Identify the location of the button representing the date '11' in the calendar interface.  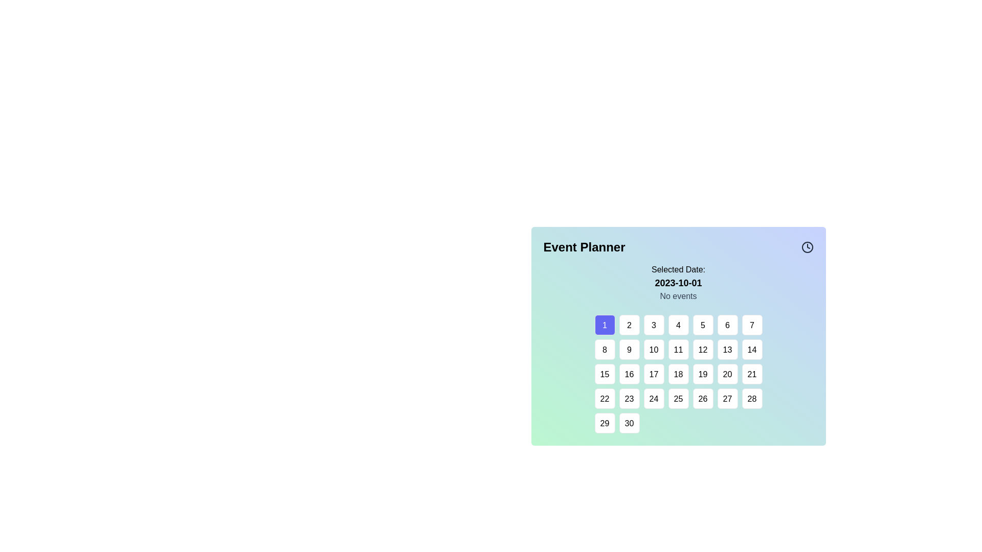
(678, 349).